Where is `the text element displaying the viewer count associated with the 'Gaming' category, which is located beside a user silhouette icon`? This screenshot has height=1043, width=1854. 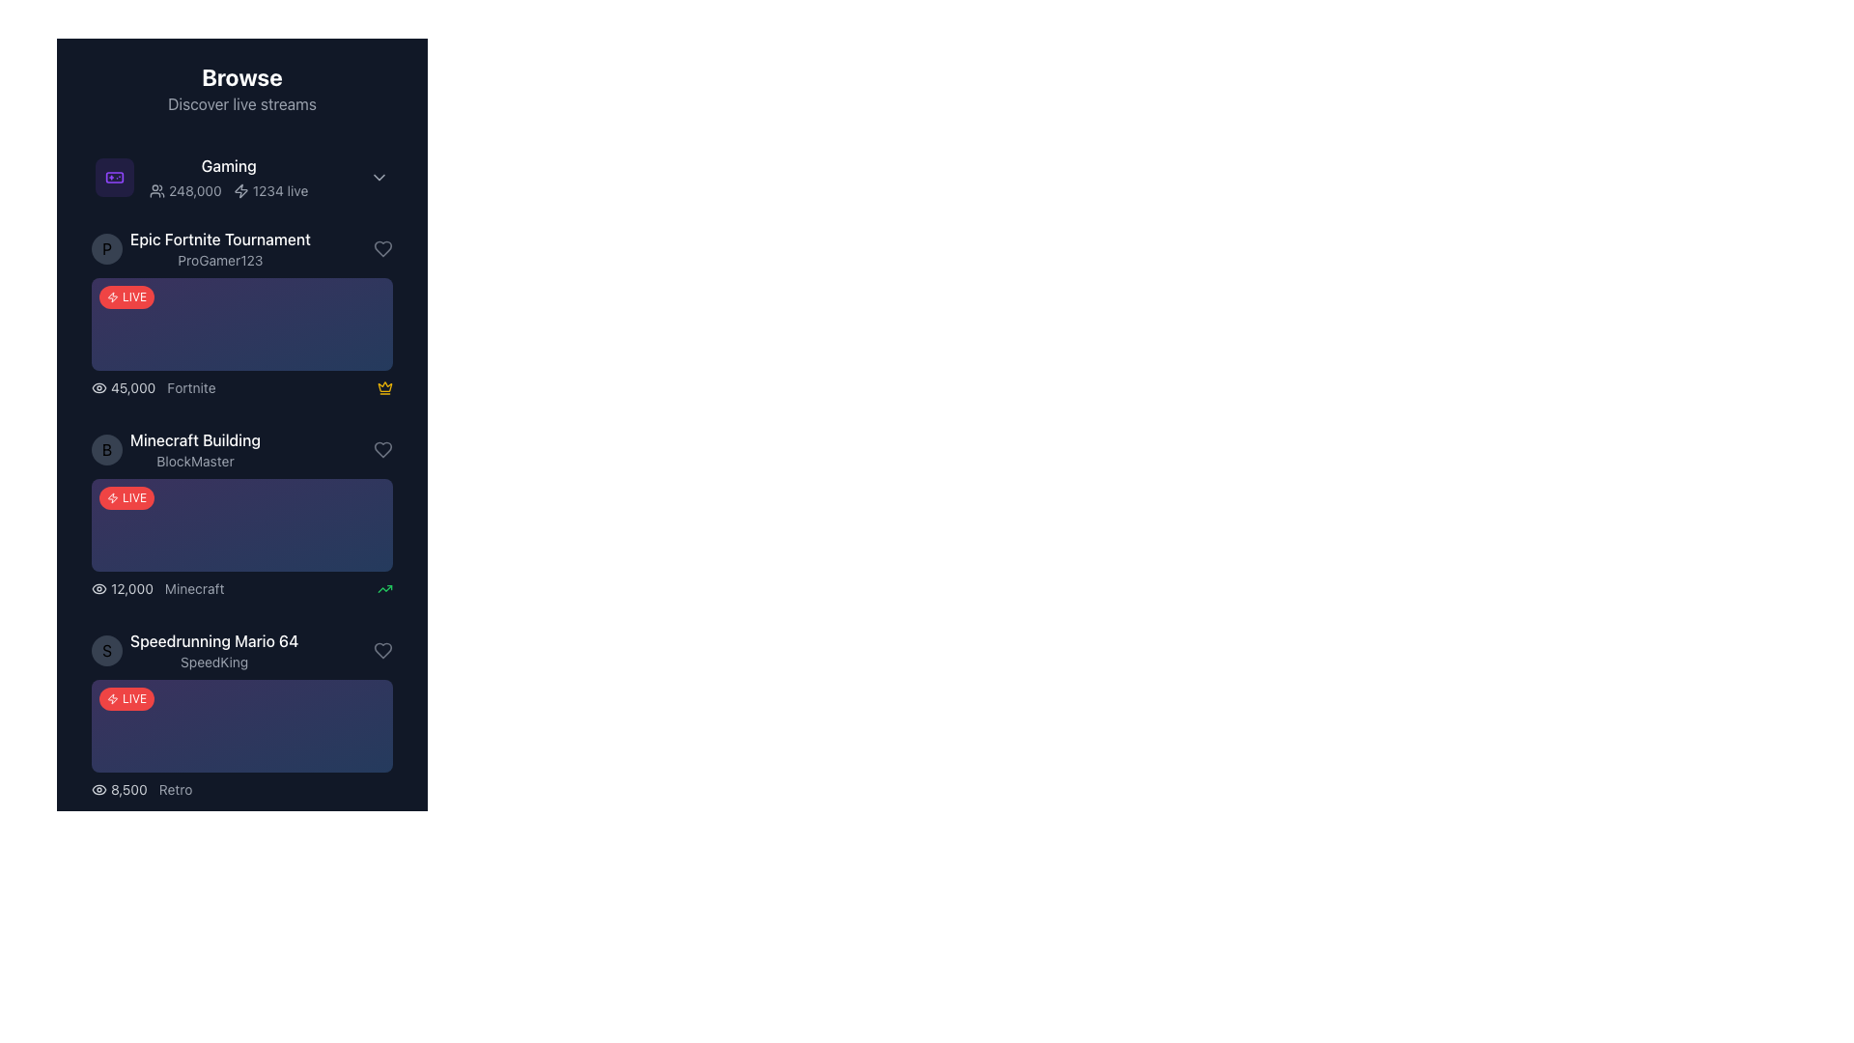
the text element displaying the viewer count associated with the 'Gaming' category, which is located beside a user silhouette icon is located at coordinates (185, 190).